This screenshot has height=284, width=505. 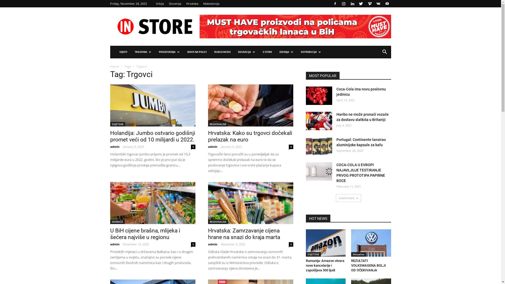 I want to click on 'Home', so click(x=114, y=66).